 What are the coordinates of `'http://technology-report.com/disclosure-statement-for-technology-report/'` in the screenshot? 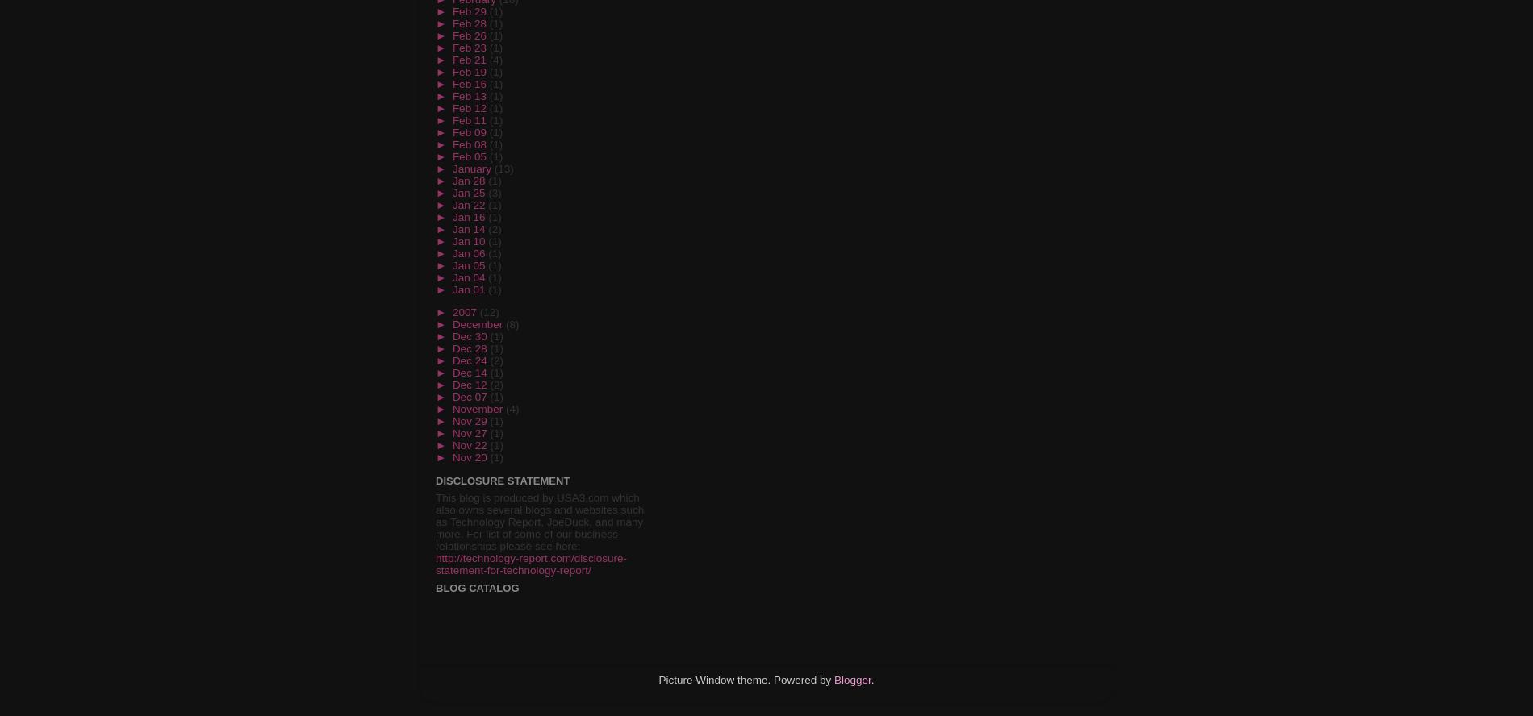 It's located at (531, 564).